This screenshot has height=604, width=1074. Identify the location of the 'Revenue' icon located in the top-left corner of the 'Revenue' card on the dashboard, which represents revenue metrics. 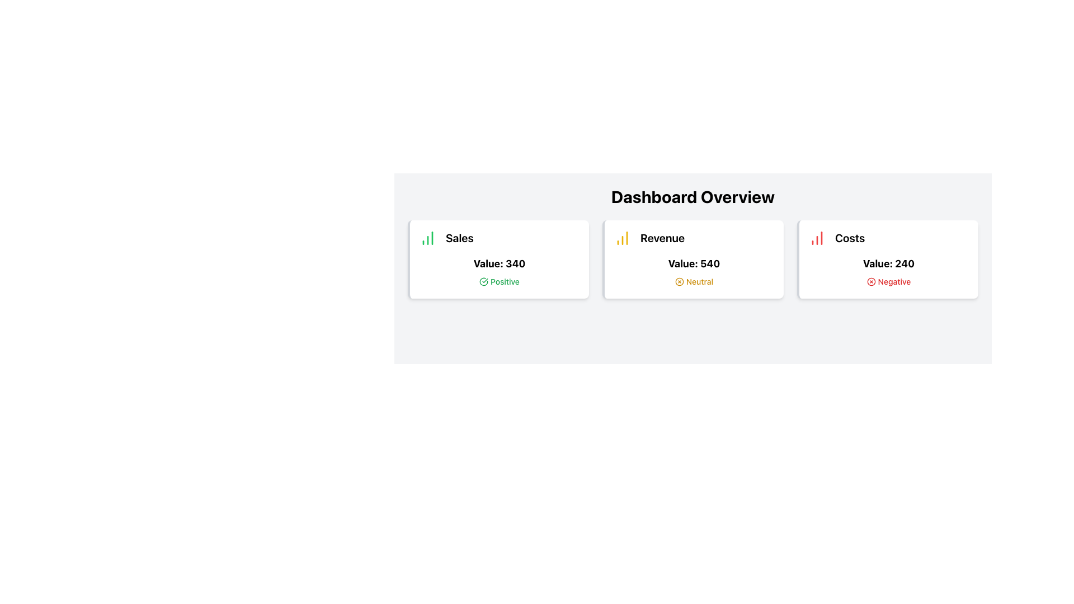
(622, 237).